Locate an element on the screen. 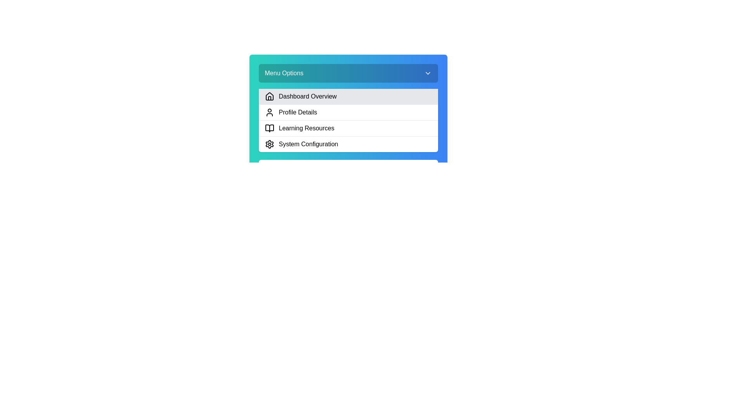  the user profile silhouette icon located to the left of the 'Profile Details' text label in the menu interface is located at coordinates (269, 112).